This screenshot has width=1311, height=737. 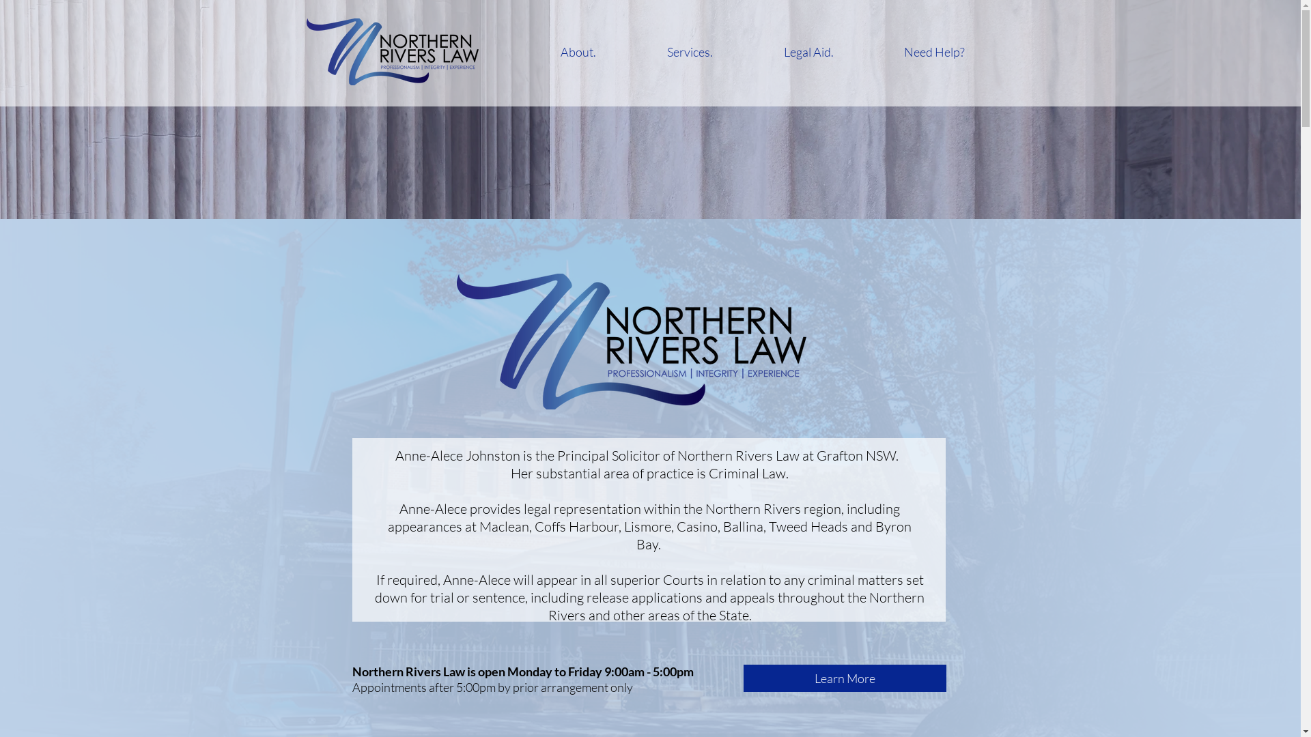 What do you see at coordinates (843, 678) in the screenshot?
I see `'Learn More'` at bounding box center [843, 678].